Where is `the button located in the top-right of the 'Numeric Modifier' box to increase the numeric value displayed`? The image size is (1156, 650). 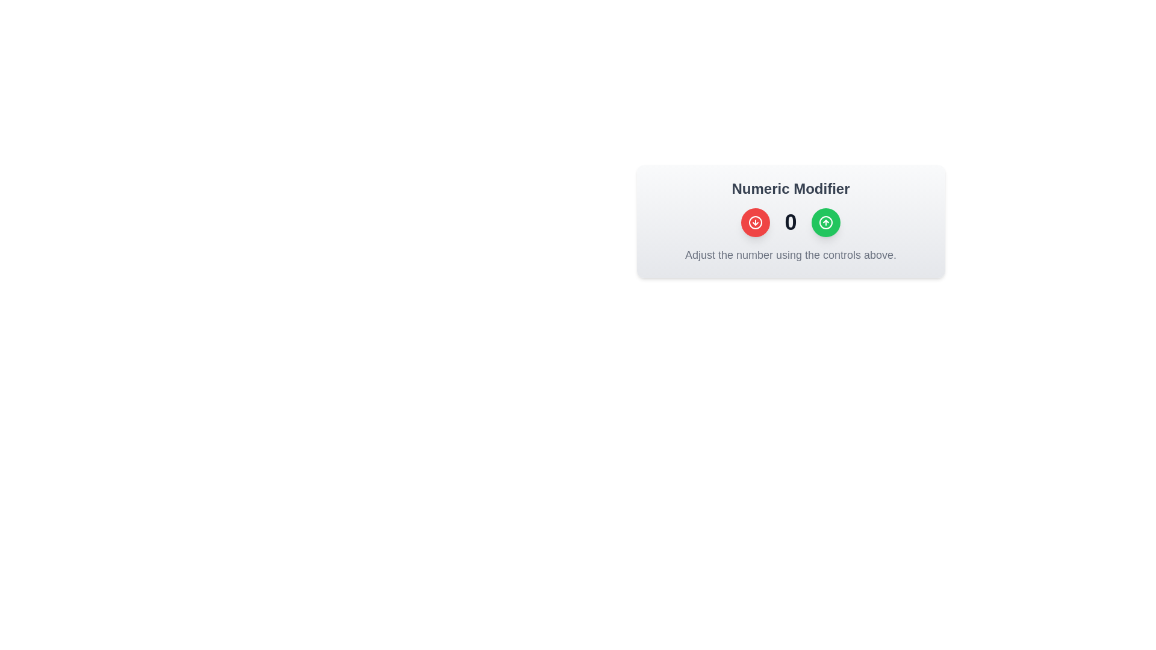
the button located in the top-right of the 'Numeric Modifier' box to increase the numeric value displayed is located at coordinates (825, 223).